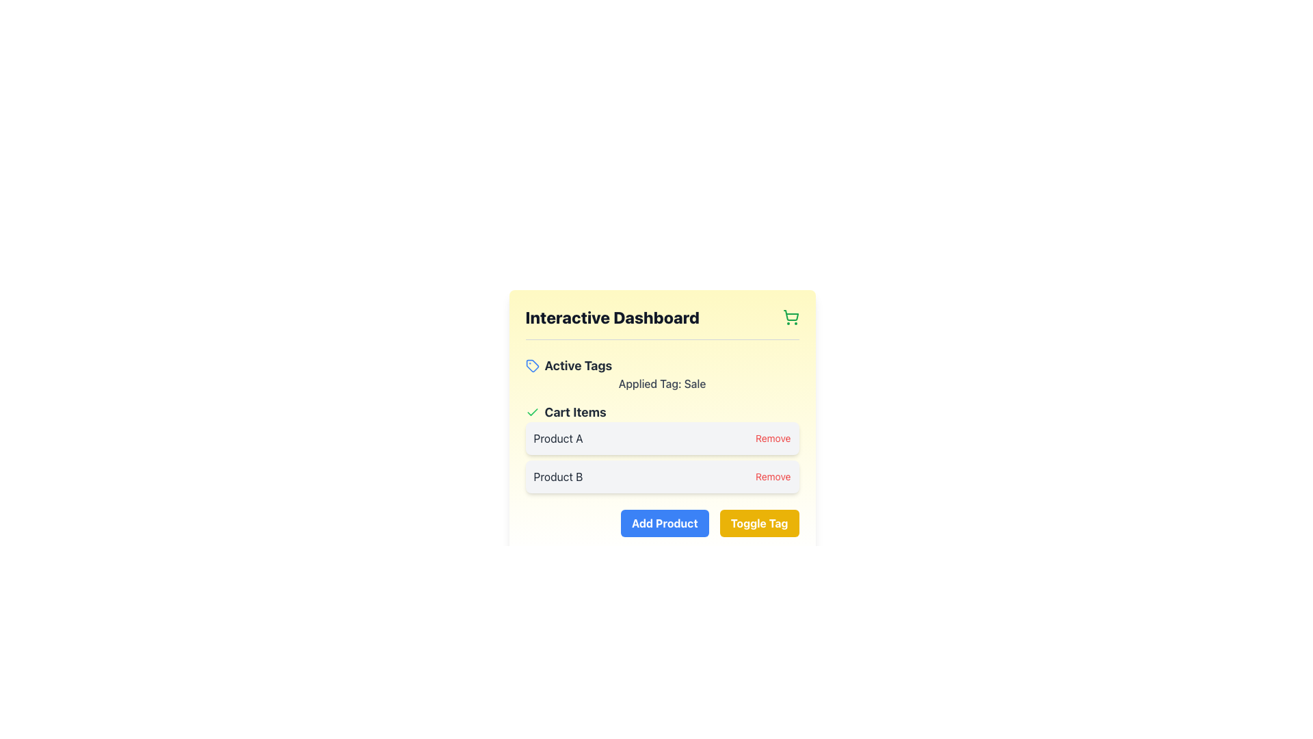 Image resolution: width=1313 pixels, height=739 pixels. Describe the element at coordinates (791, 315) in the screenshot. I see `the shopping cart icon located in the top-right corner of the dashboard interface, which signifies user interaction with cart functionality` at that location.